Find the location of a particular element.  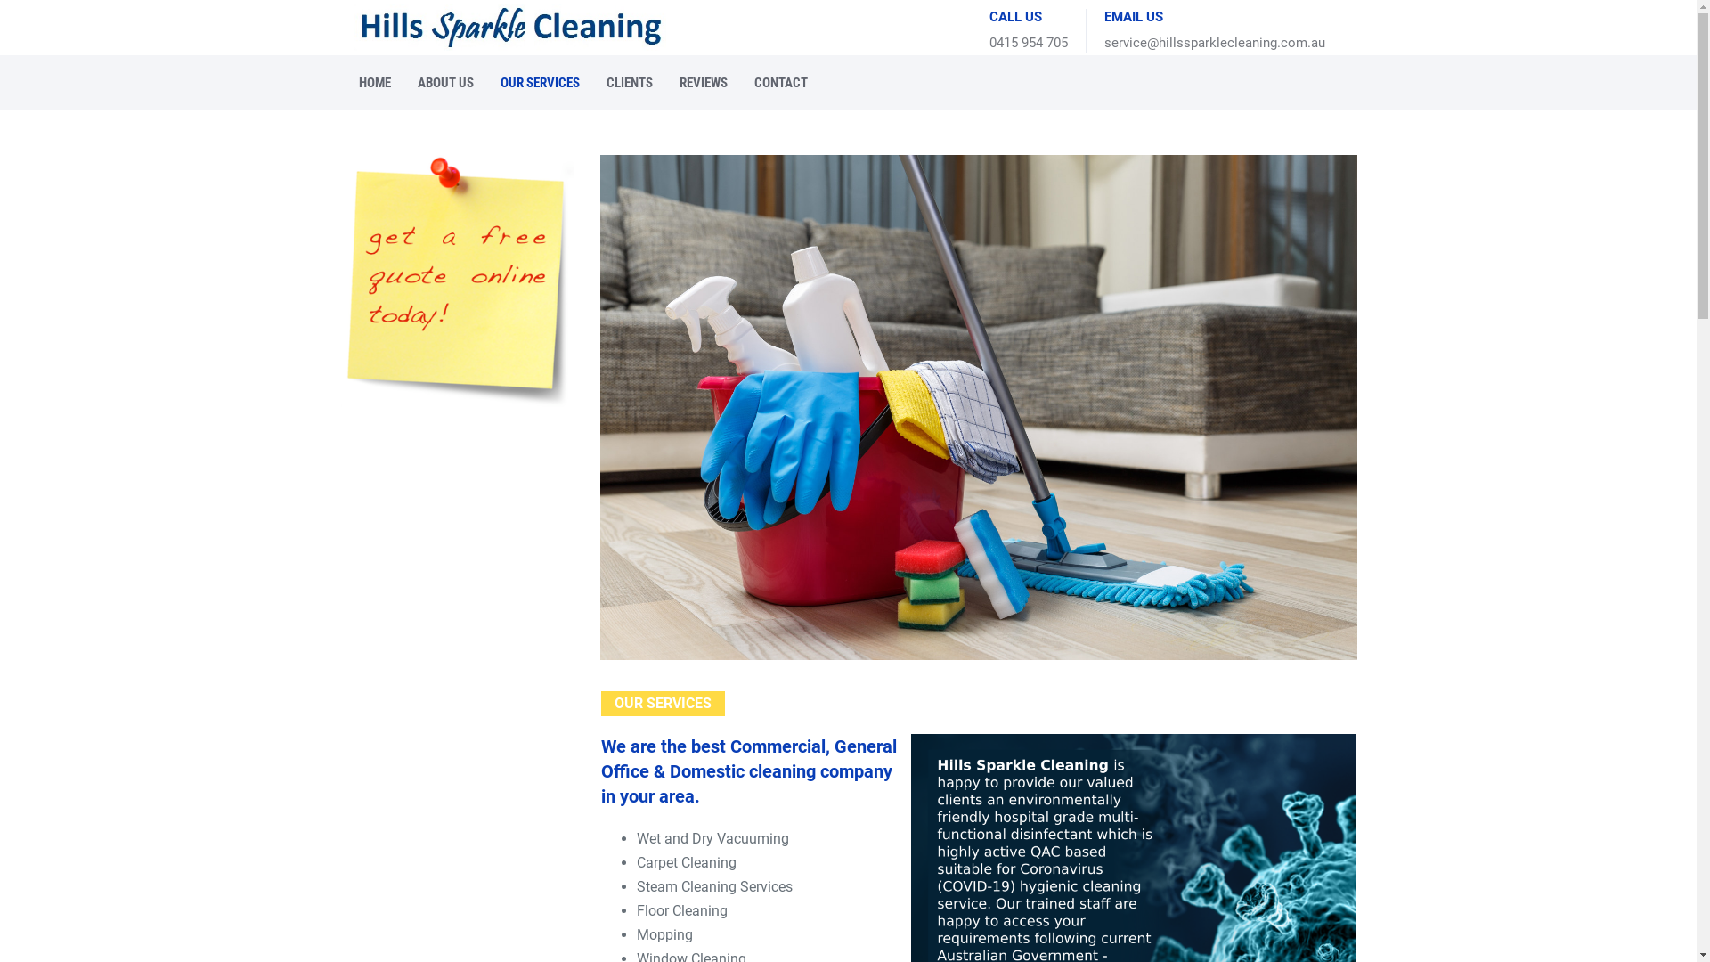

'HOME' is located at coordinates (354, 82).